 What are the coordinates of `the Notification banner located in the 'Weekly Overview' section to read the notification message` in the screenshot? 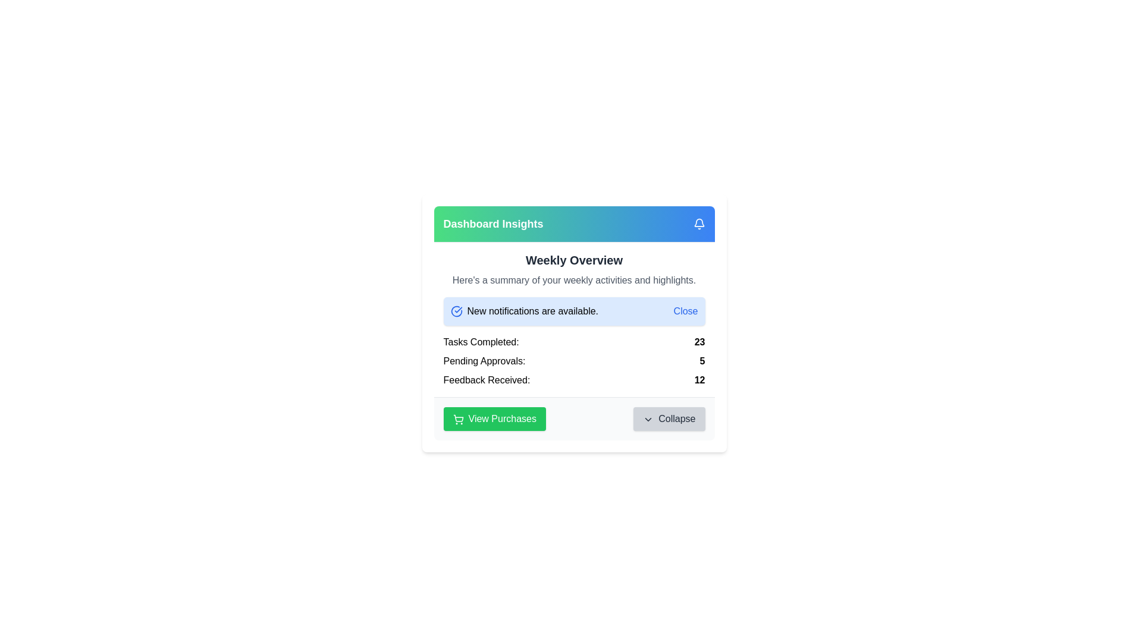 It's located at (574, 311).